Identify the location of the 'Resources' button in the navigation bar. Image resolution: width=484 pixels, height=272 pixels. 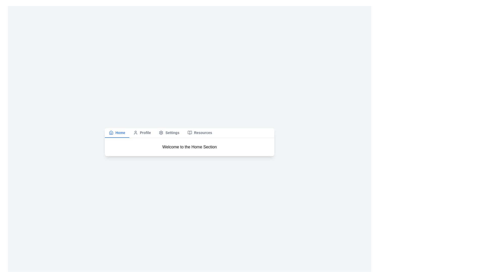
(199, 132).